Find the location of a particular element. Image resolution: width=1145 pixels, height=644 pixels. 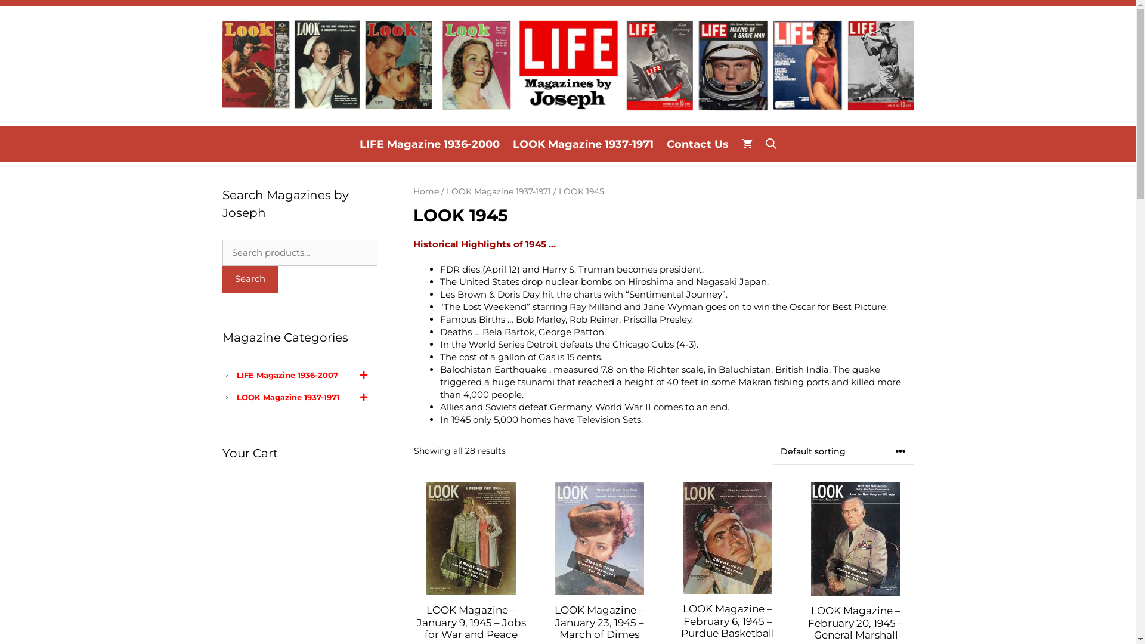

'LOOK Magazine 1937-1971' is located at coordinates (305, 397).